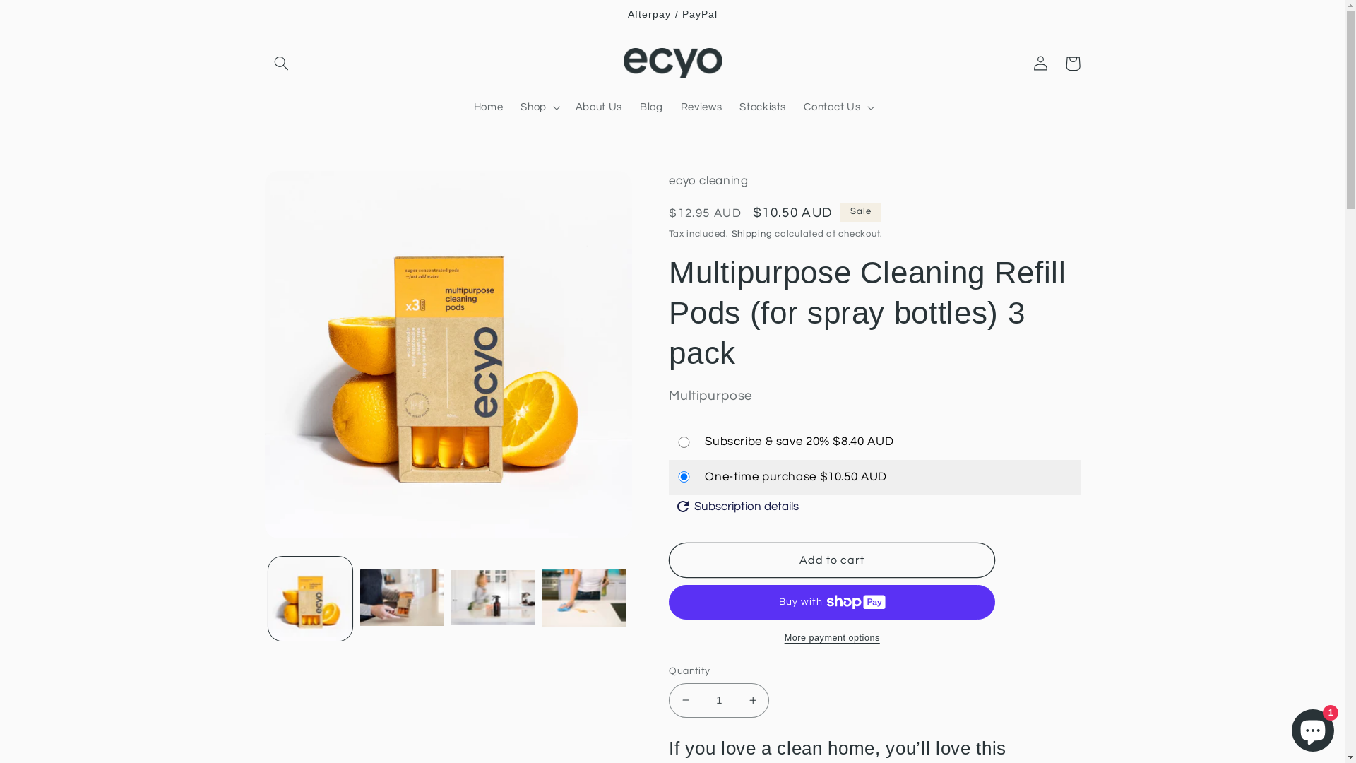 Image resolution: width=1356 pixels, height=763 pixels. I want to click on 'Shopify online store chat', so click(1312, 727).